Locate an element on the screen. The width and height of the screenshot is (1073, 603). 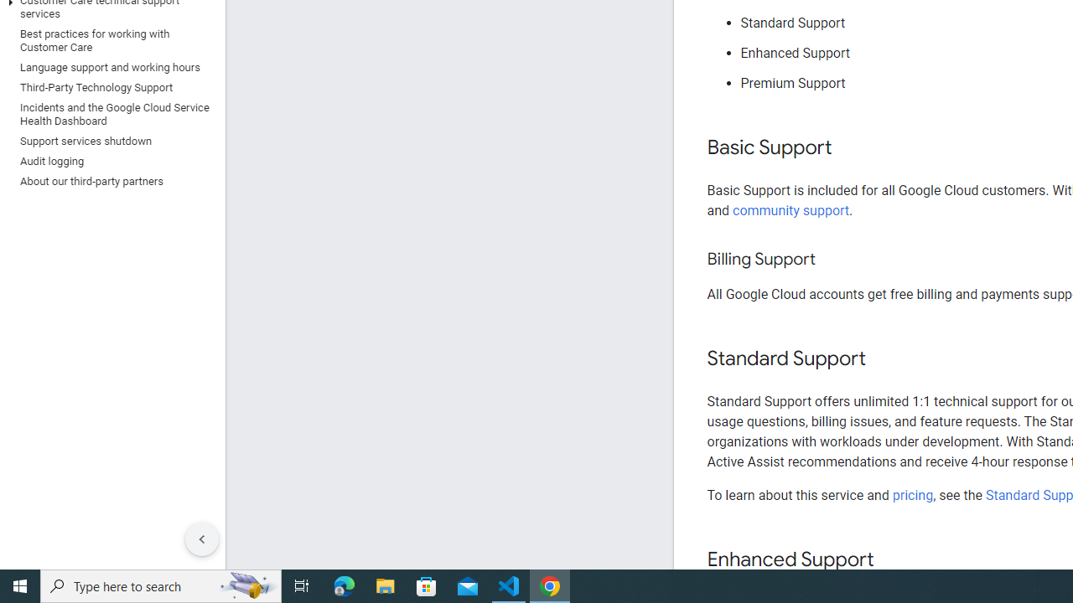
'Third-Party Technology Support' is located at coordinates (108, 87).